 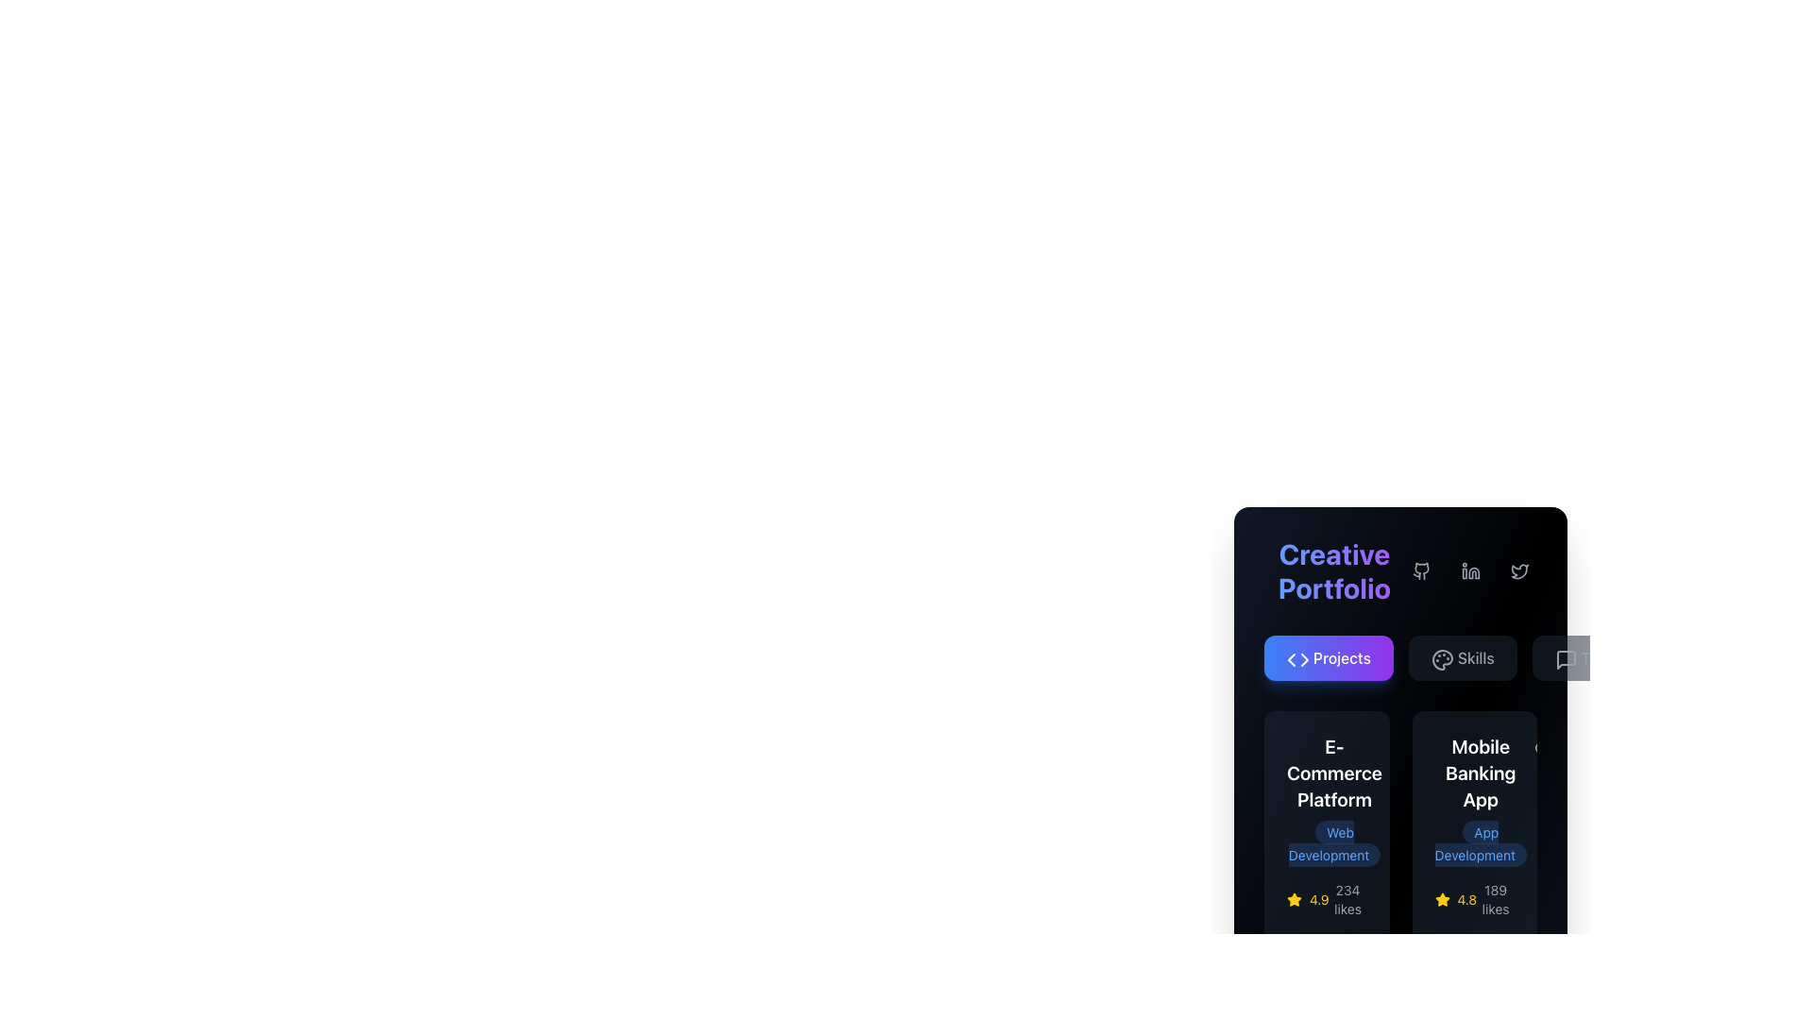 I want to click on the rating and information display component located at the bottom-right corner of the 'E-Commerce Platform' card in the project portfolio grid, so click(x=1326, y=898).